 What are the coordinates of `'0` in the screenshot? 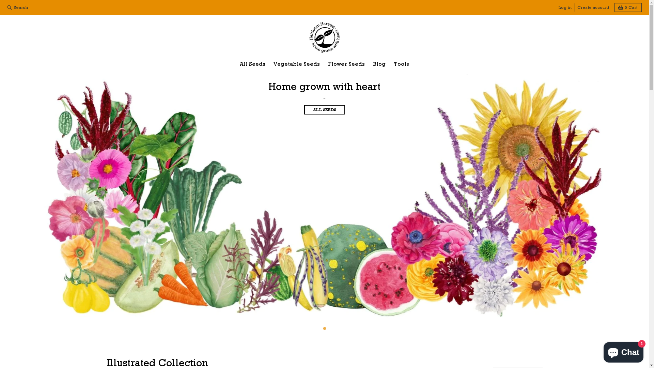 It's located at (628, 7).